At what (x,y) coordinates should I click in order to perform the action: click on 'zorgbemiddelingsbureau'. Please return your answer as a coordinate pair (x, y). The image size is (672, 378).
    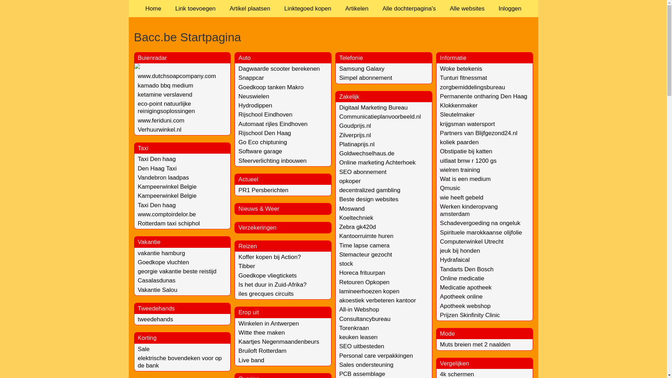
    Looking at the image, I should click on (472, 87).